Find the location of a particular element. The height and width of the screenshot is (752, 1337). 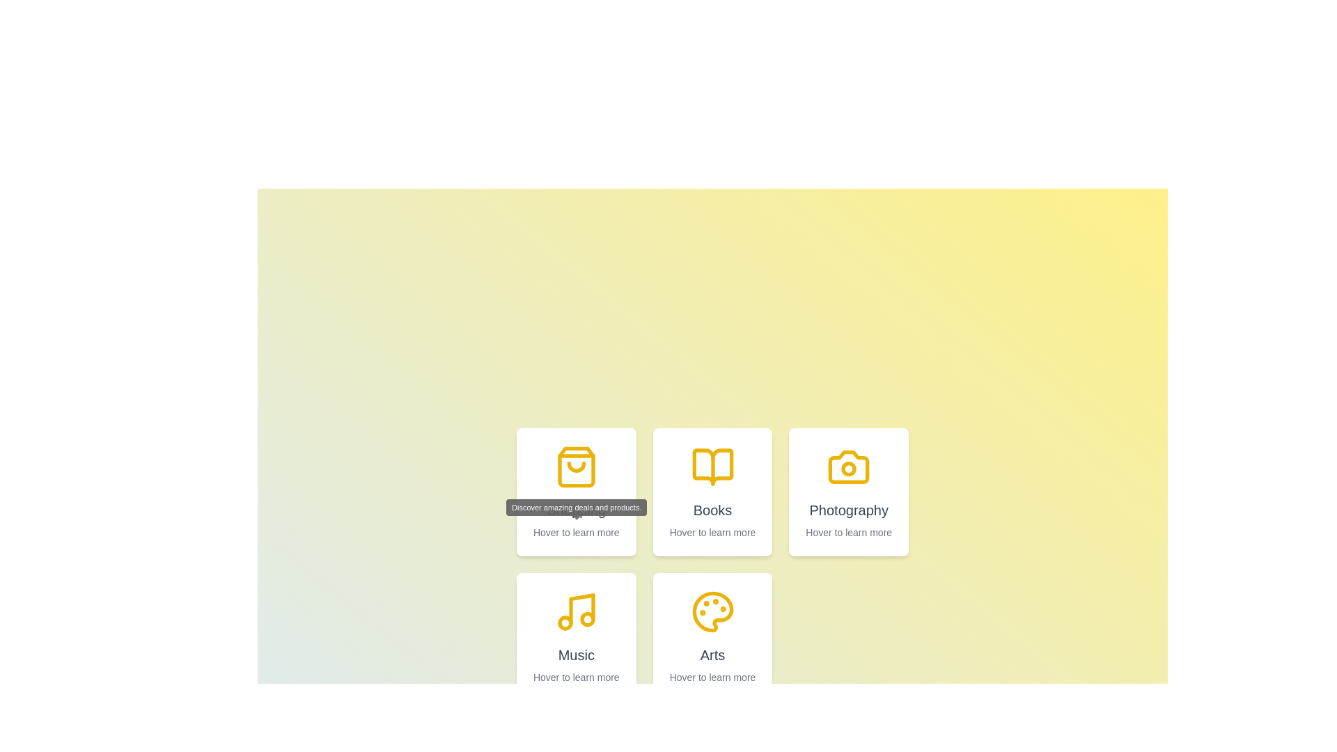

the small circular yellow decorative graphic inside the camera icon, located in the third column of the first row of a 3x2 grid layout of square cards is located at coordinates (848, 469).